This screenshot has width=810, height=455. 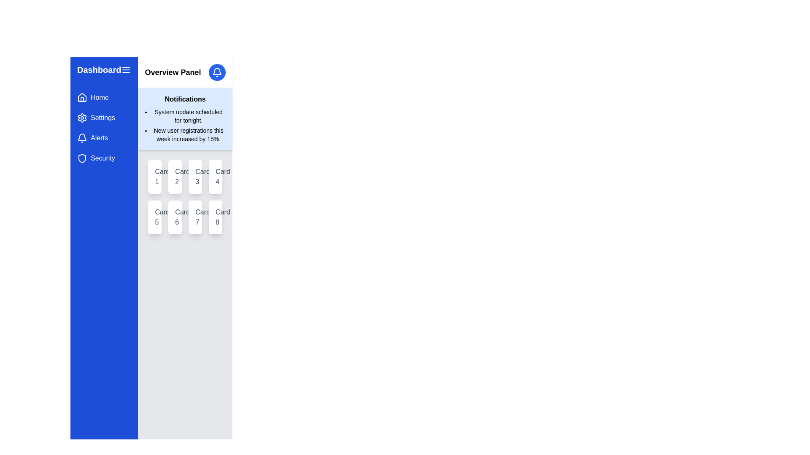 What do you see at coordinates (155, 177) in the screenshot?
I see `the first Card element in the grid, which is positioned in the top-left corner and serves as an information display` at bounding box center [155, 177].